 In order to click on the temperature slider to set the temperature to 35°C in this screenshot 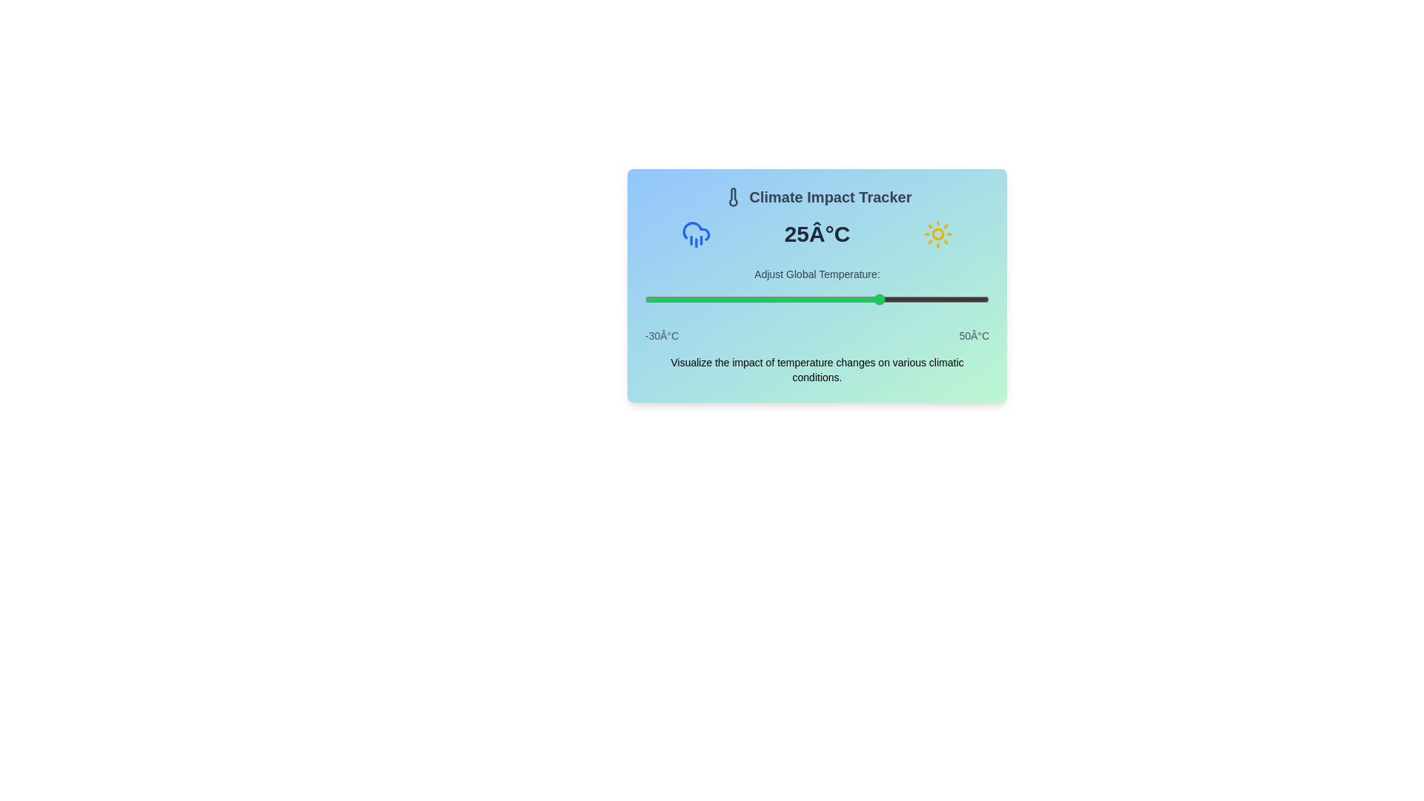, I will do `click(924, 300)`.